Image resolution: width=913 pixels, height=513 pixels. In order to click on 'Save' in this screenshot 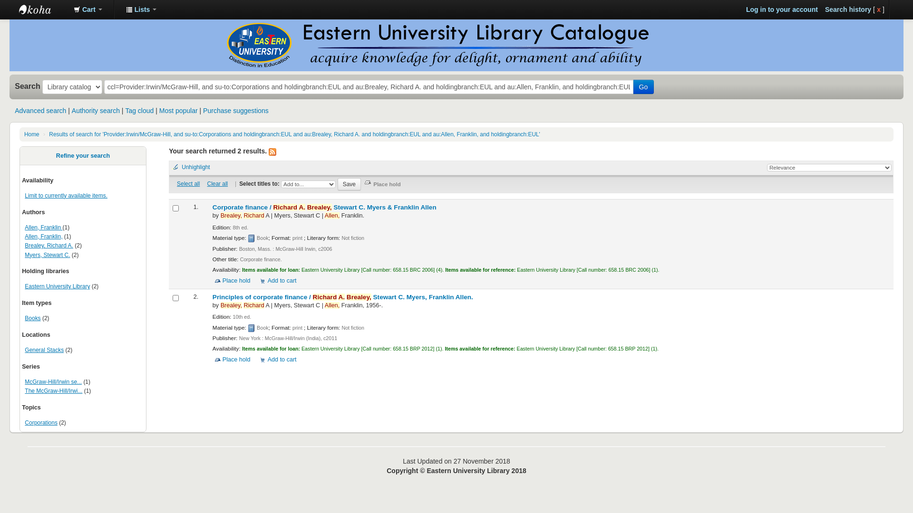, I will do `click(349, 184)`.